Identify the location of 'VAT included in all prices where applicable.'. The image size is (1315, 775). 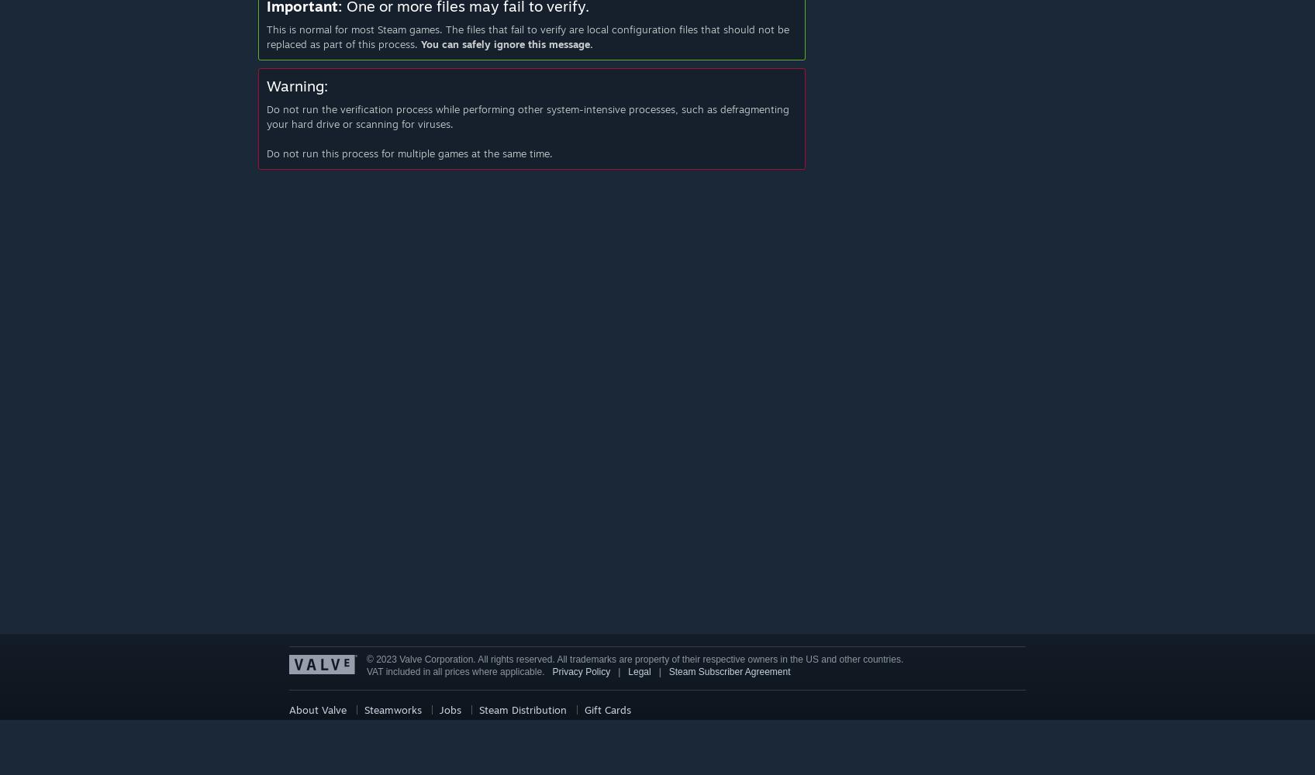
(459, 671).